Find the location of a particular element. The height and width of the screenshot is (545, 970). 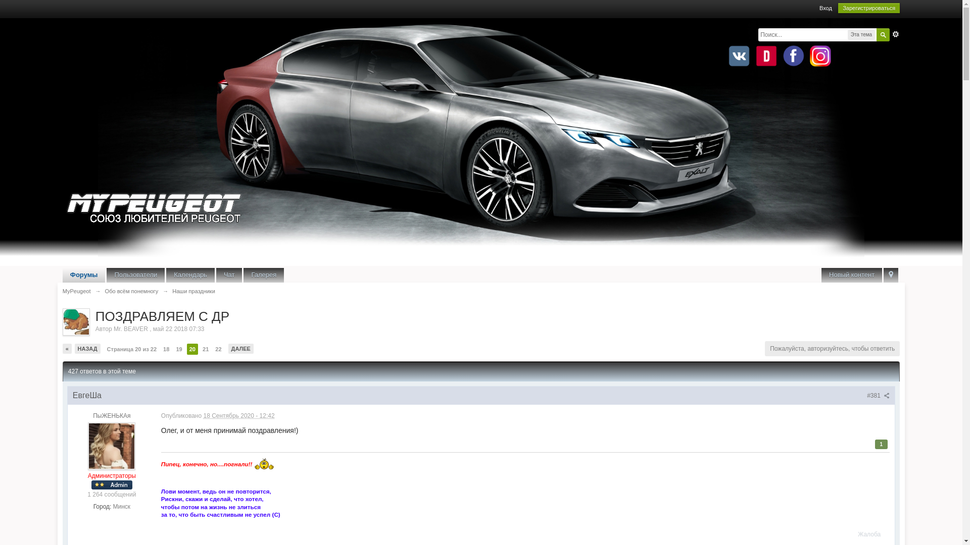

'#381' is located at coordinates (878, 395).